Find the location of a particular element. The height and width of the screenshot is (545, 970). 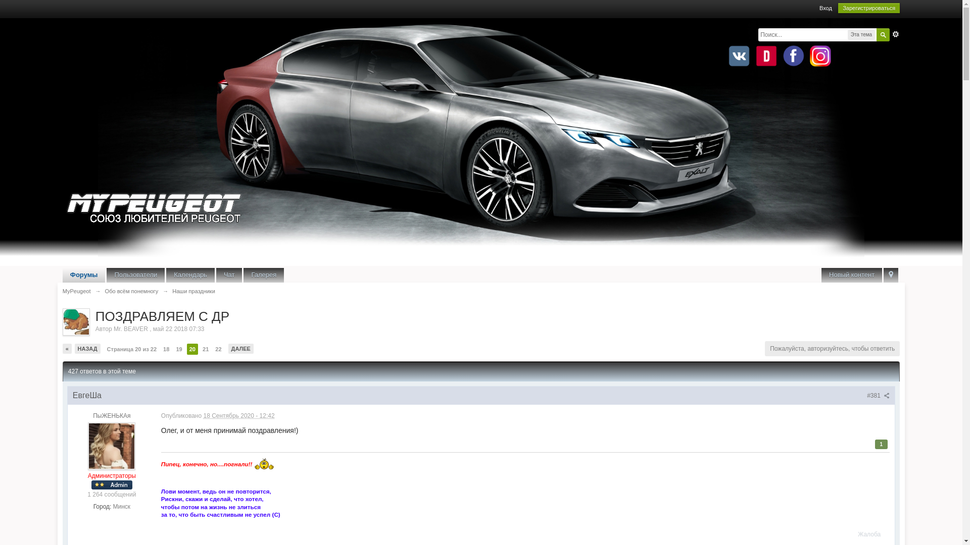

'#381' is located at coordinates (878, 395).